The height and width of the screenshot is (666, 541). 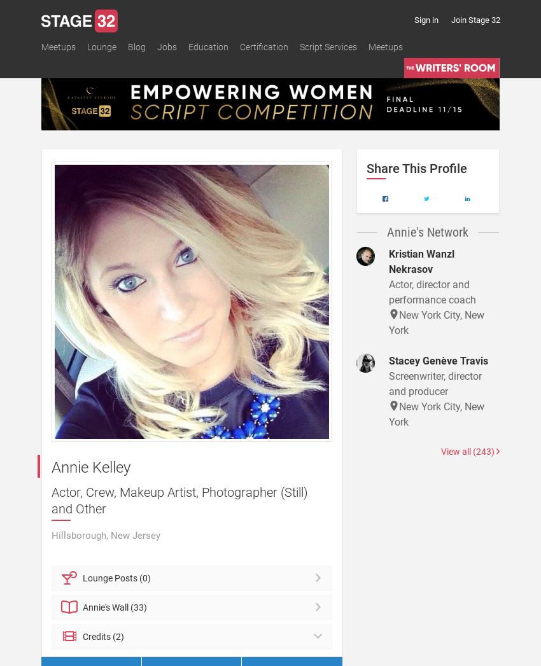 I want to click on 'Screenwriter, director and producer', so click(x=434, y=383).